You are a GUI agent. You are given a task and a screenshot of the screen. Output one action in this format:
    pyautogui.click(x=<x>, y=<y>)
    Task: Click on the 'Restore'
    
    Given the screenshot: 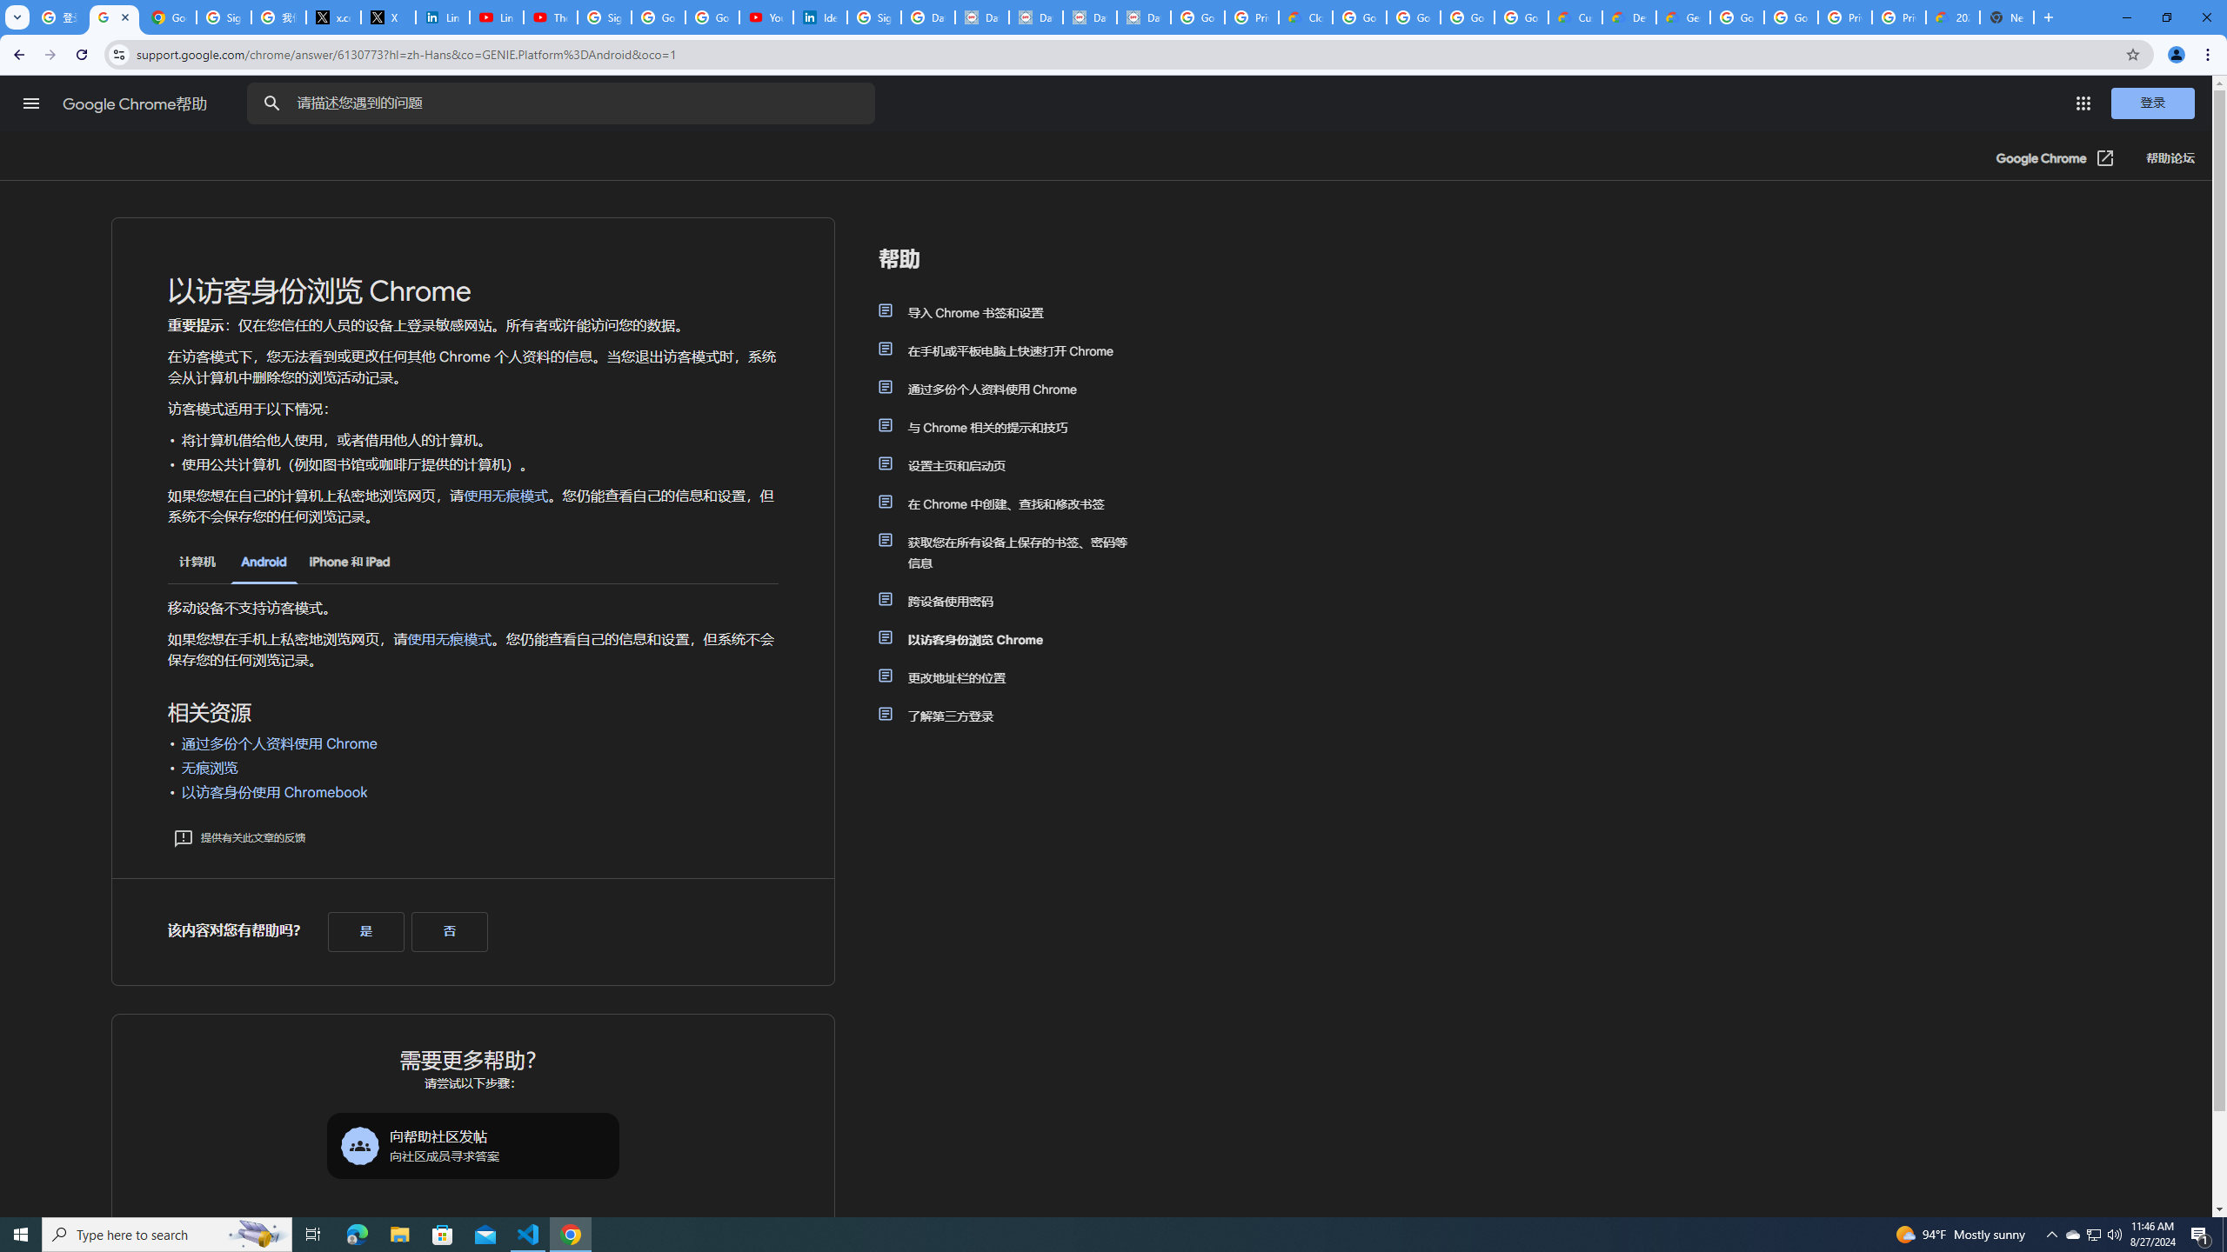 What is the action you would take?
    pyautogui.click(x=2166, y=17)
    